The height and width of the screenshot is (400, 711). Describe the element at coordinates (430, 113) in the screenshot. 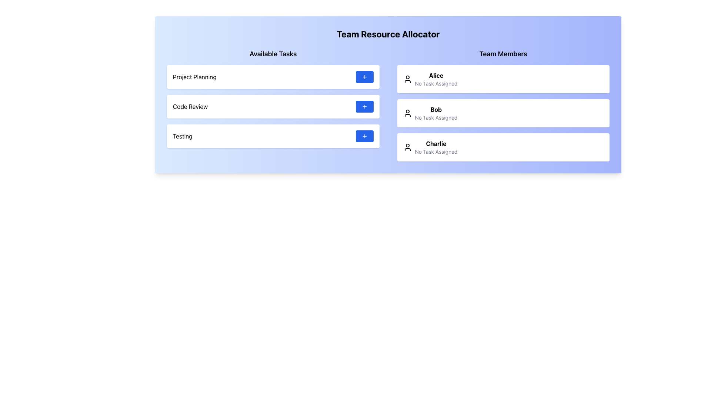

I see `the compound display element representing team member 'Bob' located in the middle of the 'Team Members' section, which is the second item in the list` at that location.